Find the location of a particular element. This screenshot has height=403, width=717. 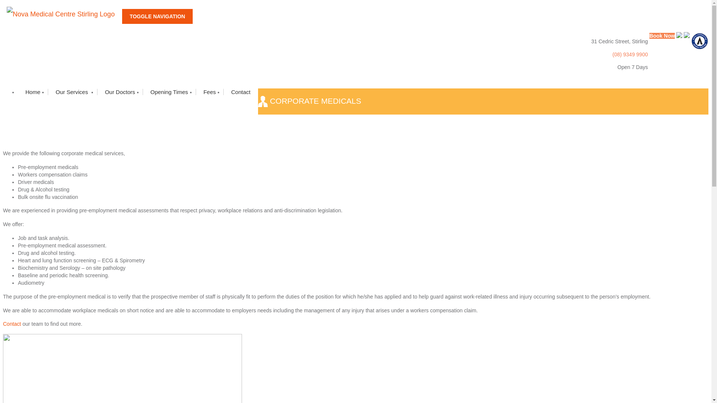

'Home' is located at coordinates (32, 91).